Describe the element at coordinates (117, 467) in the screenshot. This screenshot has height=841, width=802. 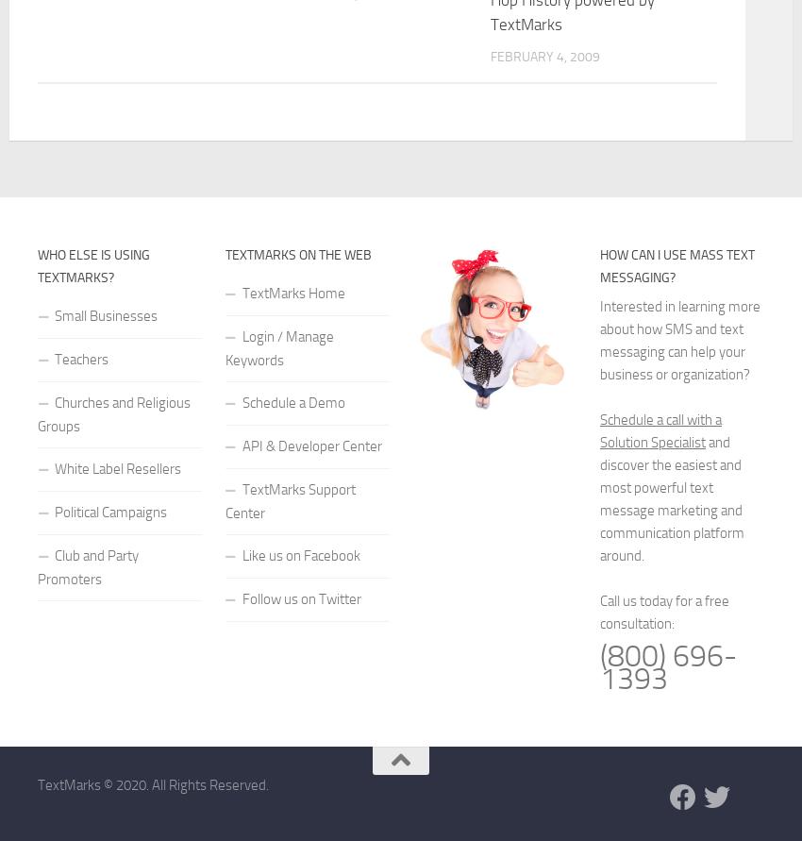
I see `'White Label Resellers'` at that location.